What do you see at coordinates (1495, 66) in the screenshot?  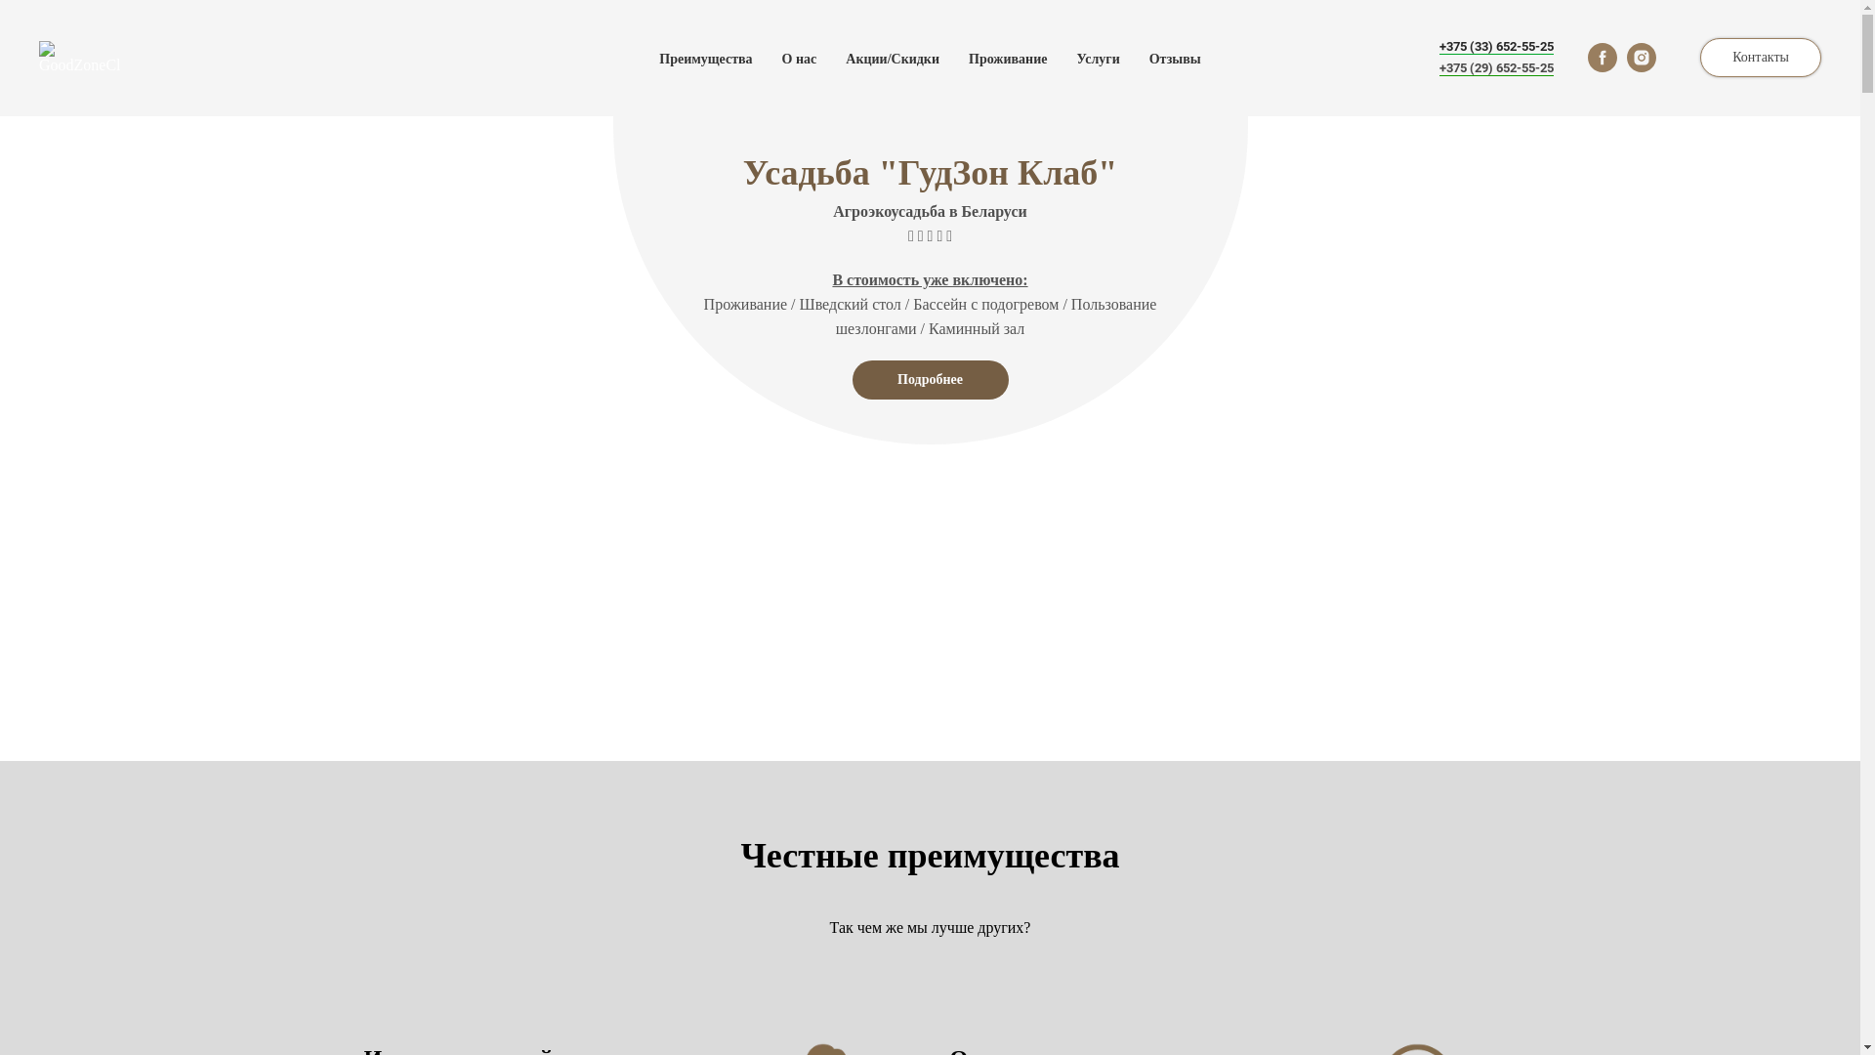 I see `'+375 (29) 652-55-25'` at bounding box center [1495, 66].